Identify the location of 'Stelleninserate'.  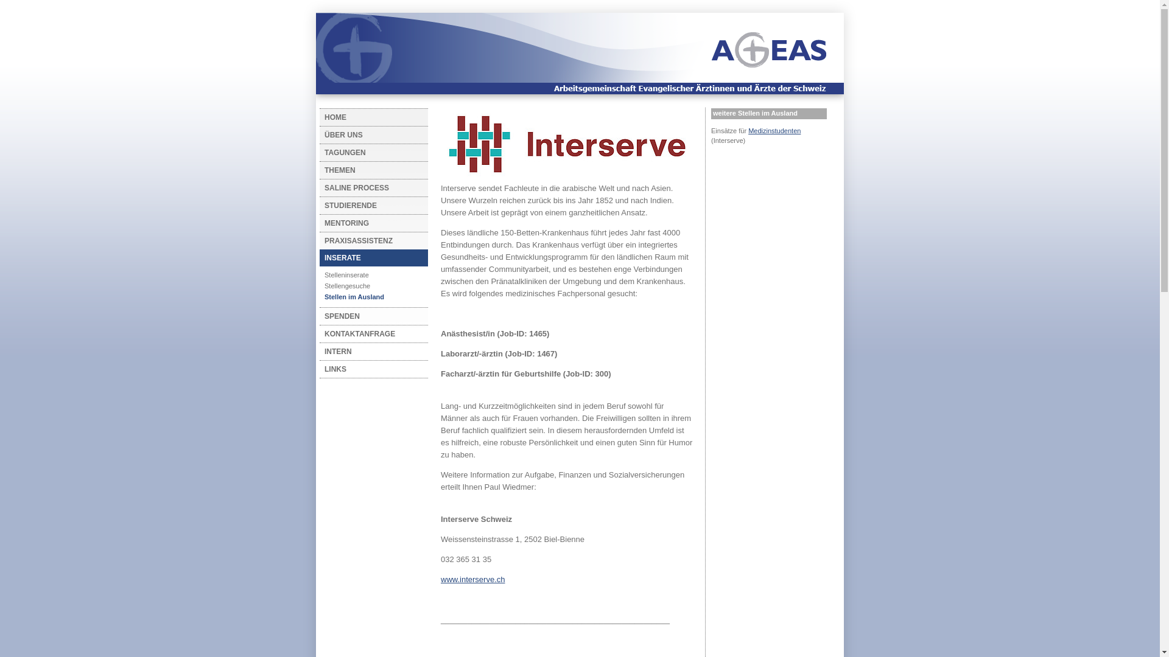
(369, 274).